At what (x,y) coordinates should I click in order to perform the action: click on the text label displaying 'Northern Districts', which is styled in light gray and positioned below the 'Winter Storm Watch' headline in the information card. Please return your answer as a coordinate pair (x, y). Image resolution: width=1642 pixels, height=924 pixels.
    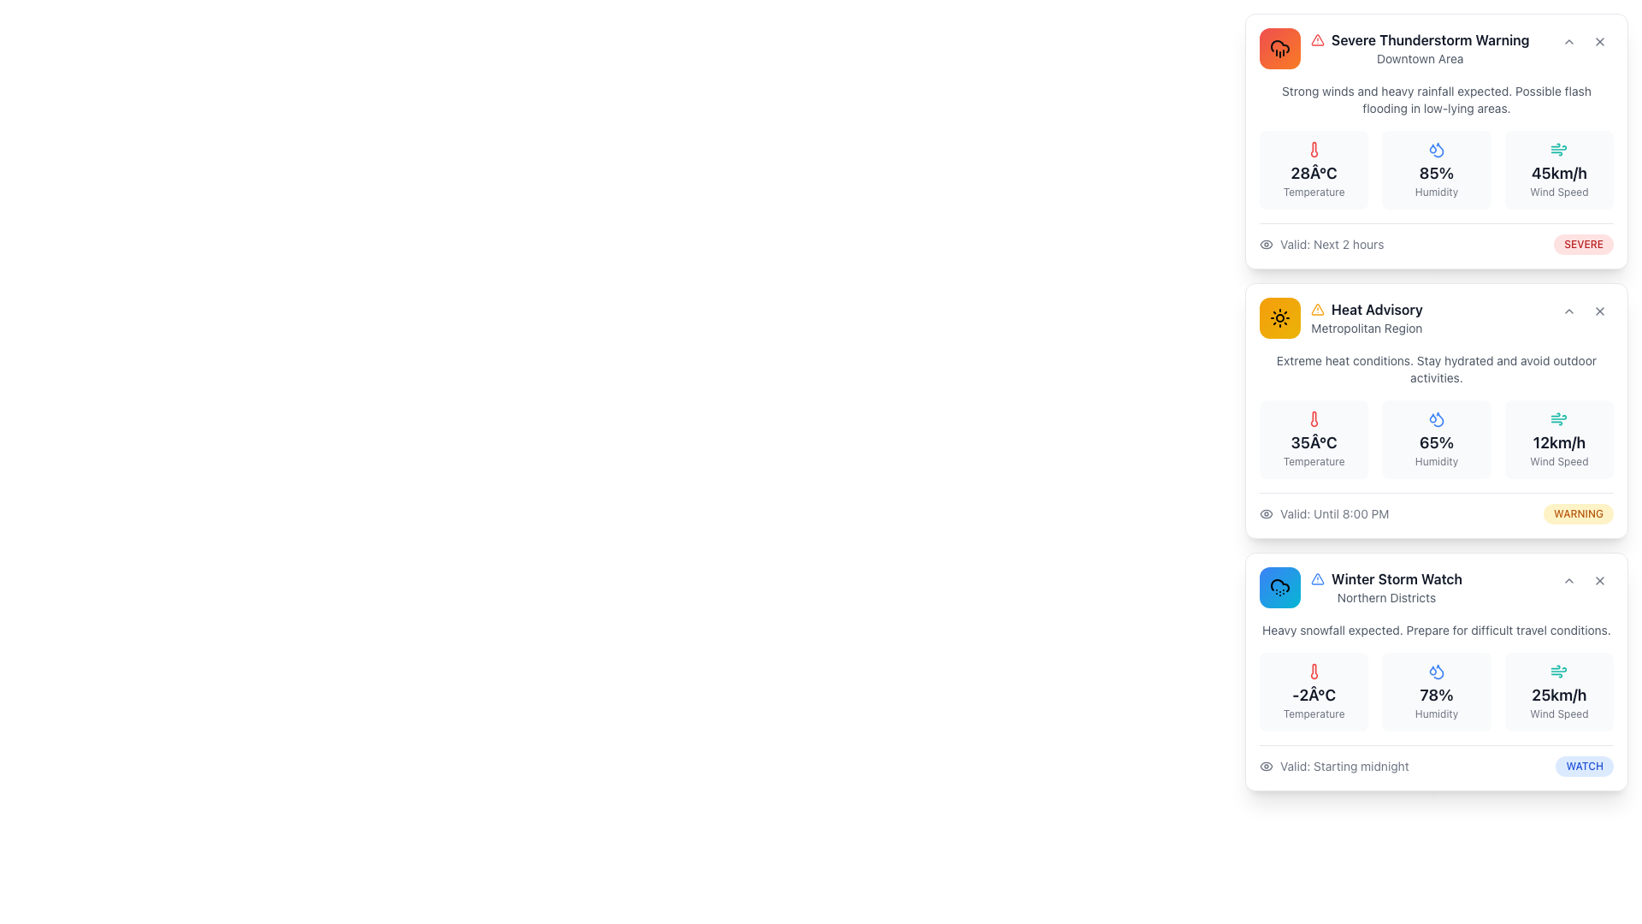
    Looking at the image, I should click on (1386, 596).